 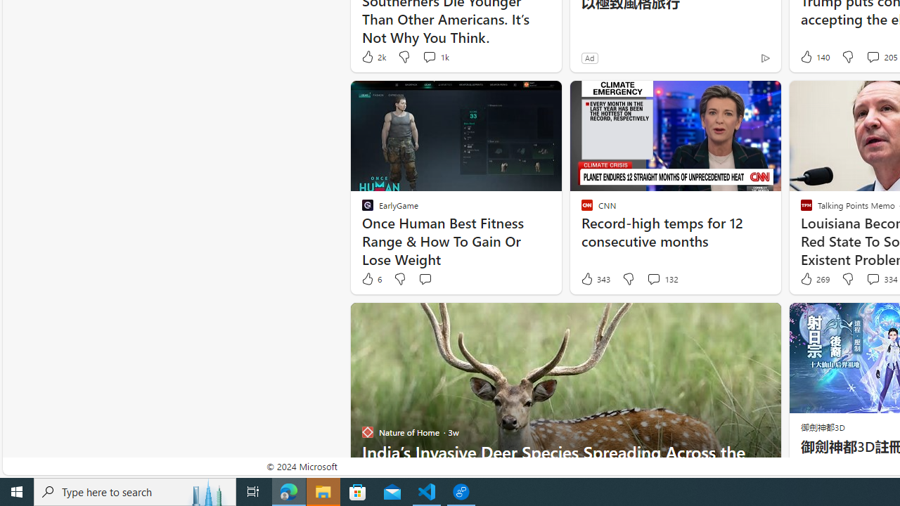 I want to click on '2k Like', so click(x=373, y=56).